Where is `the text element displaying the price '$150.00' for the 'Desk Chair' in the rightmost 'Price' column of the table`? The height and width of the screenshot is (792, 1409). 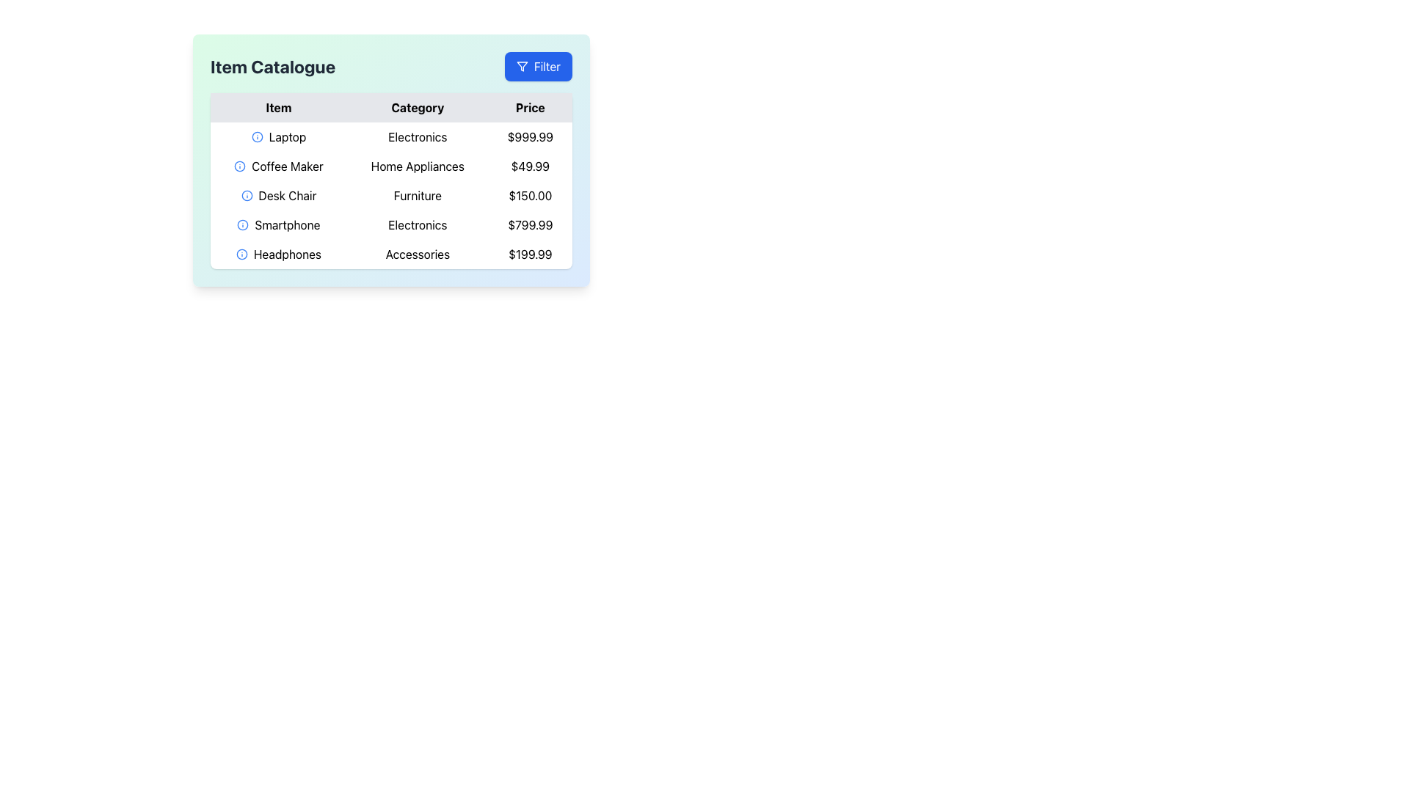
the text element displaying the price '$150.00' for the 'Desk Chair' in the rightmost 'Price' column of the table is located at coordinates (529, 194).